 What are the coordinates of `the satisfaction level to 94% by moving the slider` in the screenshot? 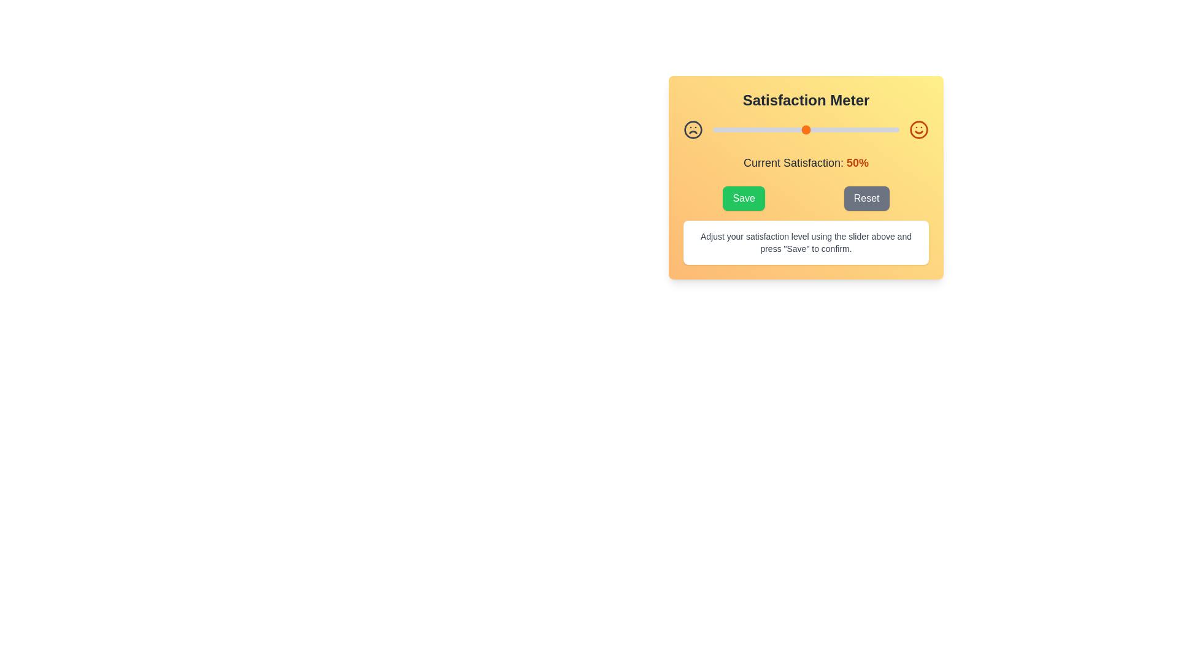 It's located at (888, 130).